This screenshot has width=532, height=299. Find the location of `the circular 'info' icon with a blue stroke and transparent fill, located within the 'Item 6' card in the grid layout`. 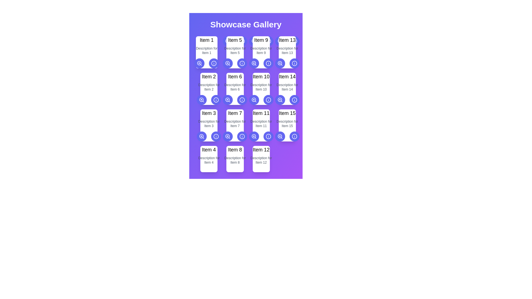

the circular 'info' icon with a blue stroke and transparent fill, located within the 'Item 6' card in the grid layout is located at coordinates (242, 100).